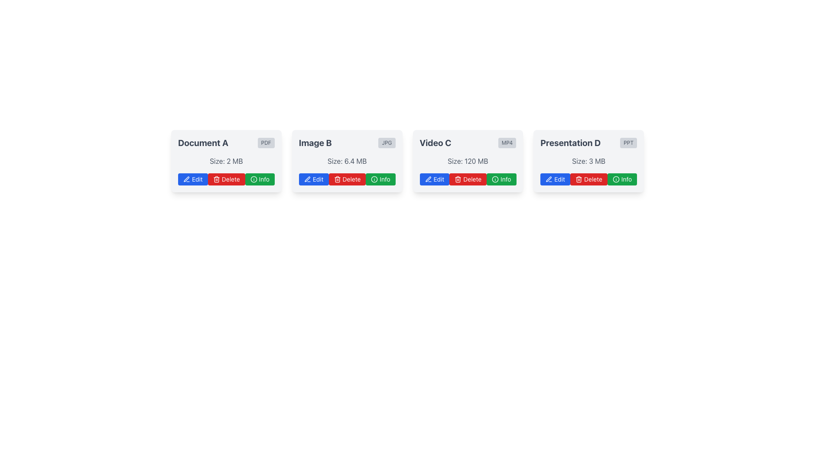 This screenshot has height=468, width=832. Describe the element at coordinates (622, 179) in the screenshot. I see `the 'Info' button, which is a rectangular button with rounded corners, a green background, and contains a white 'i' icon and 'Info' text, located in the card of 'Presentation D' as the last button in a horizontal group` at that location.